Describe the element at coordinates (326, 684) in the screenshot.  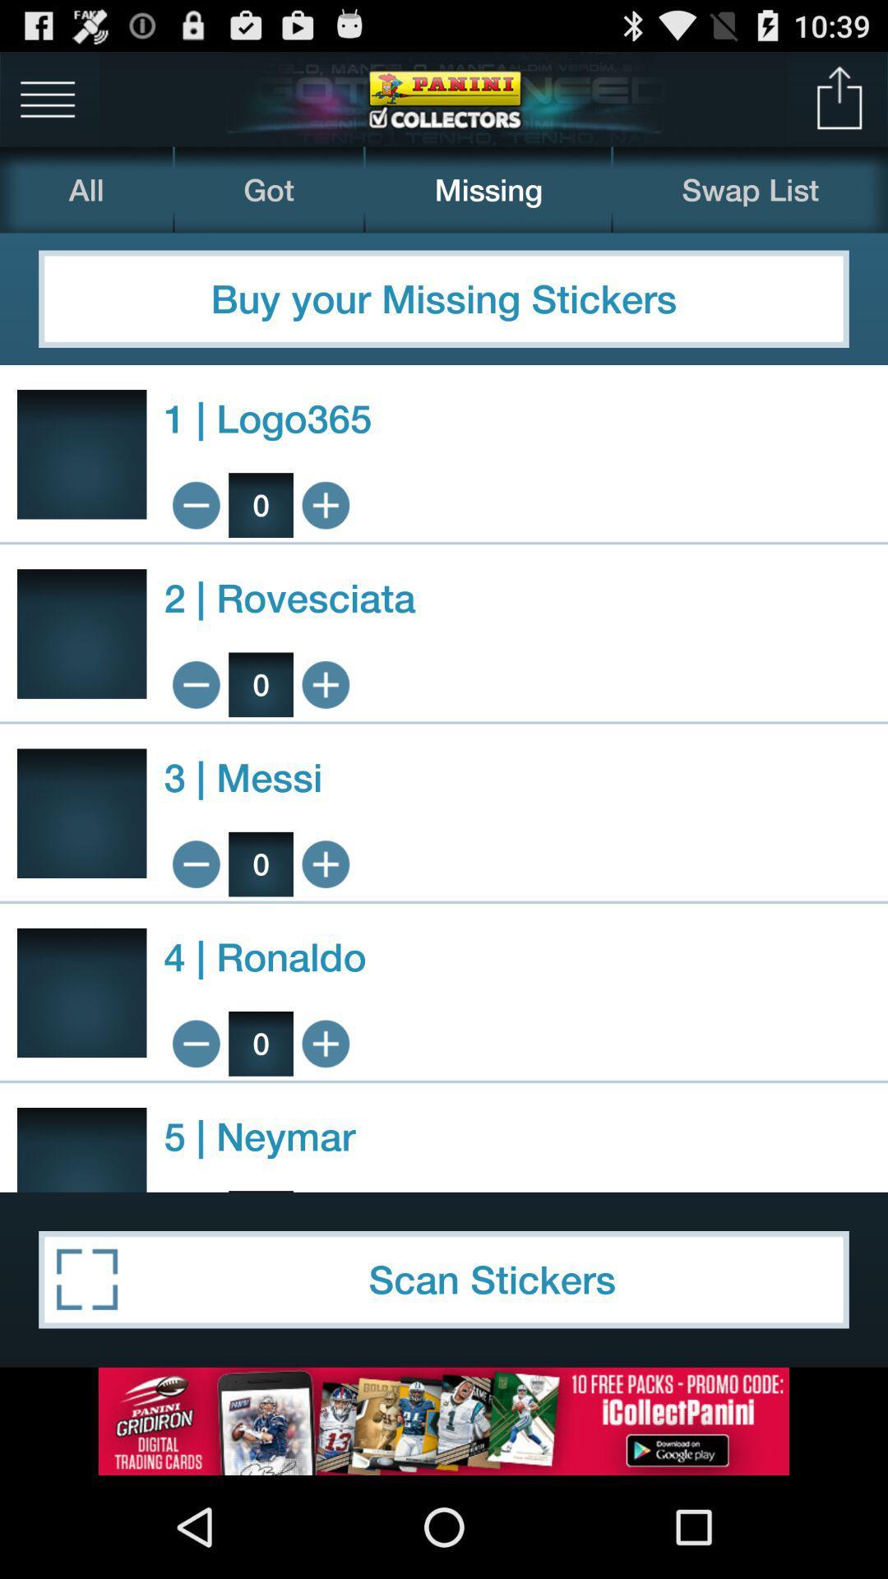
I see `tap to add` at that location.